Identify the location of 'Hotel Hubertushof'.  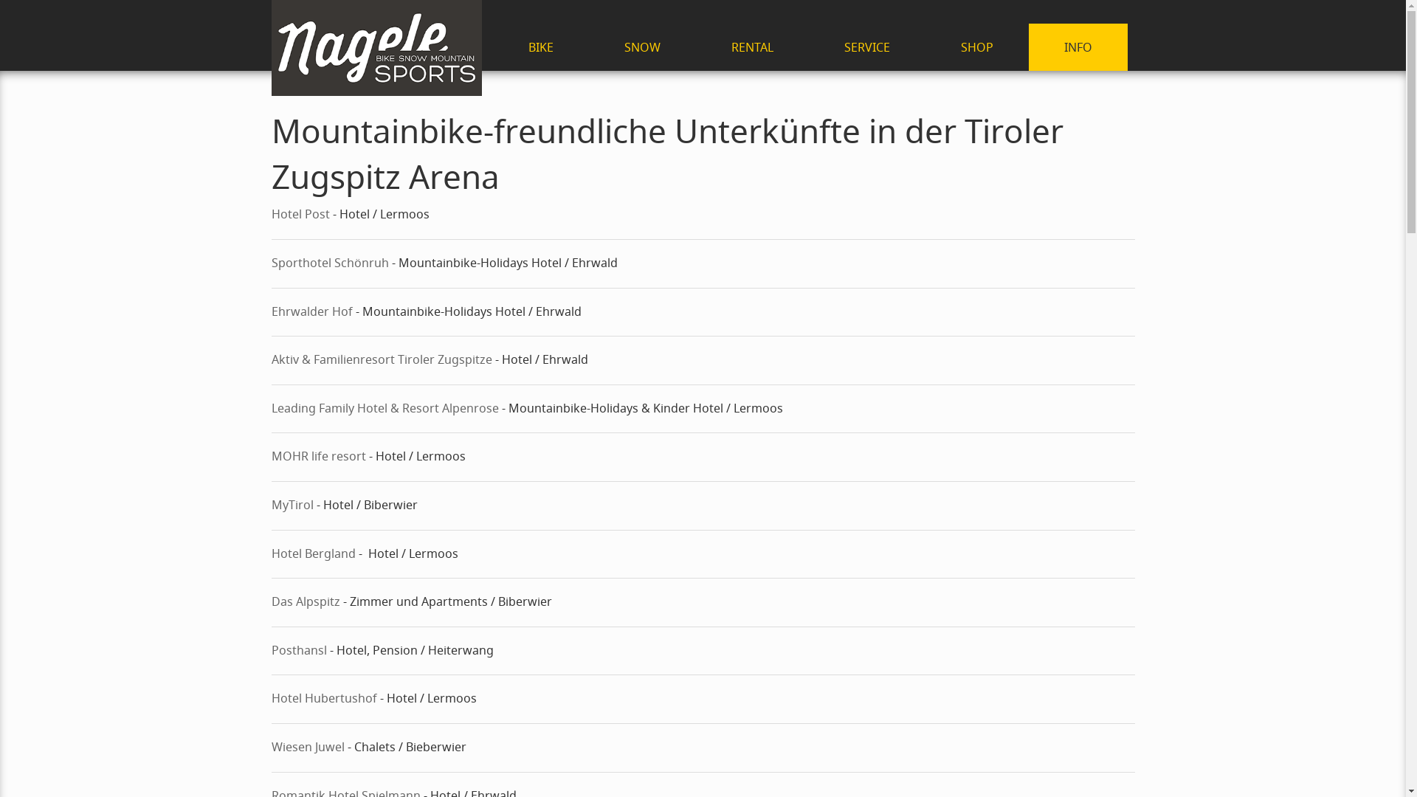
(323, 697).